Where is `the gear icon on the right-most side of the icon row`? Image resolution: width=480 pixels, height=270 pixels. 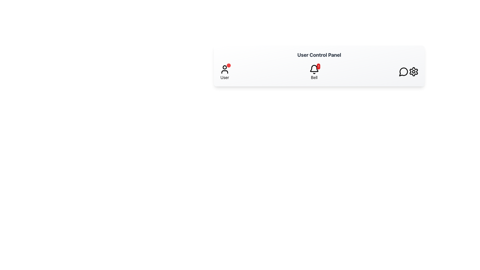
the gear icon on the right-most side of the icon row is located at coordinates (414, 71).